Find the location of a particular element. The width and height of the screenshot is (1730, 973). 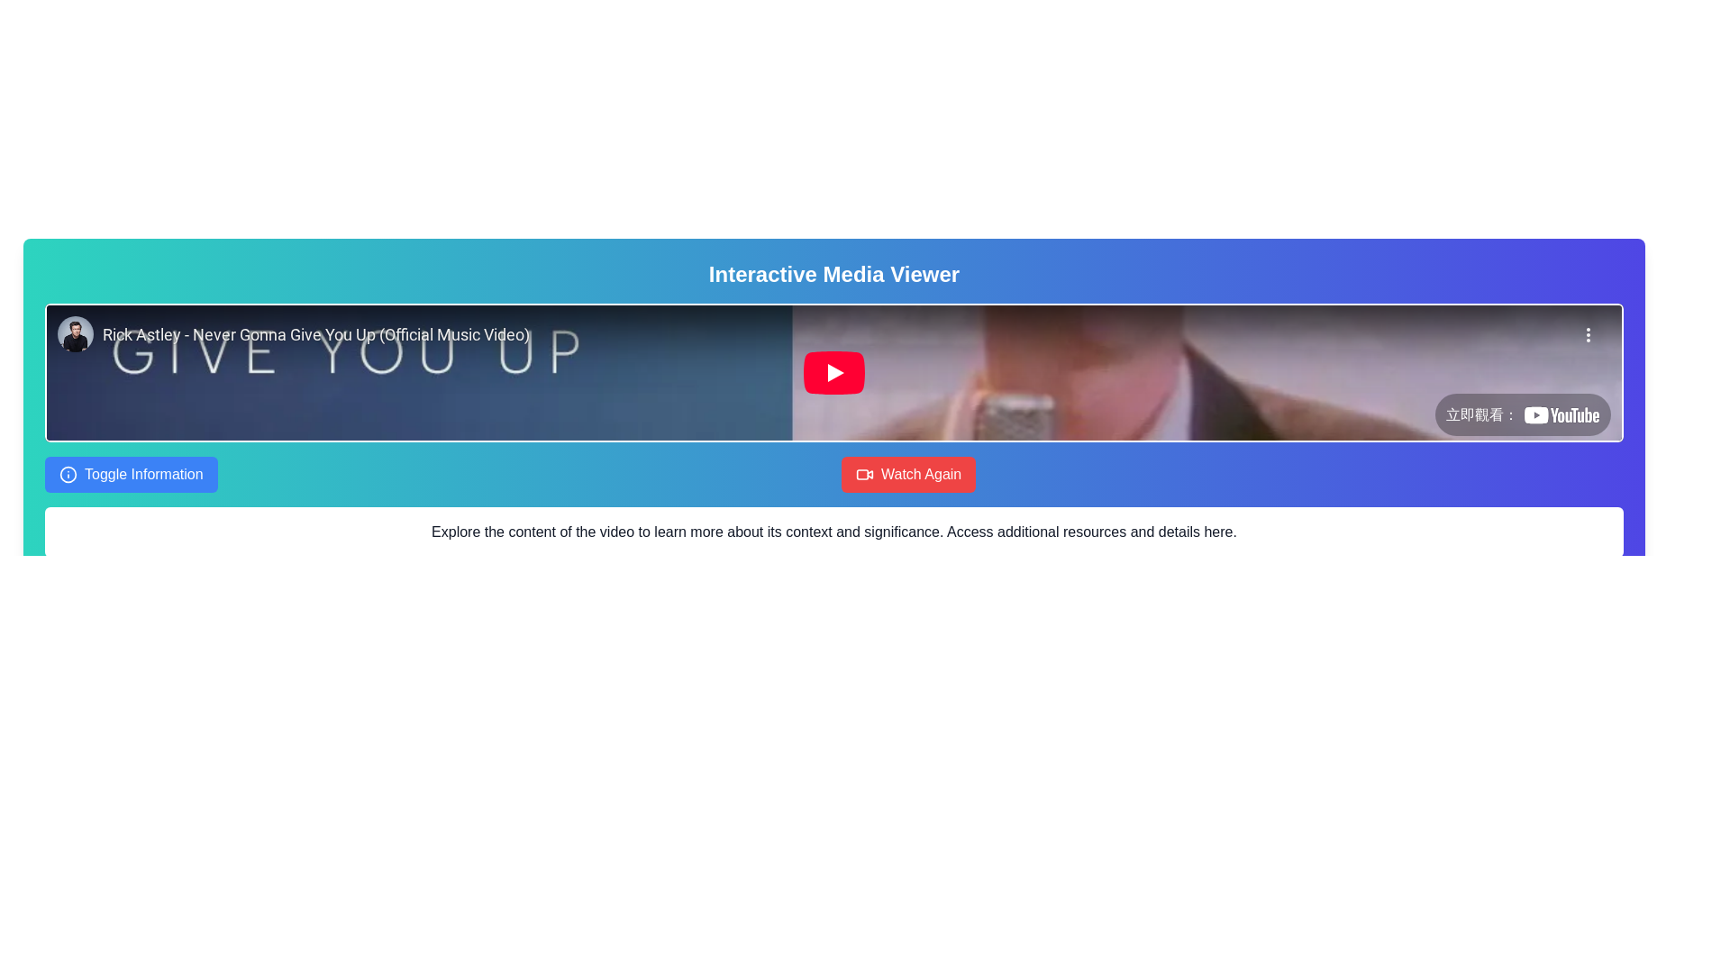

the toggle visibility button located in the lower left part of the blue-green section beneath the media viewer for keyboard navigation is located at coordinates (130, 474).